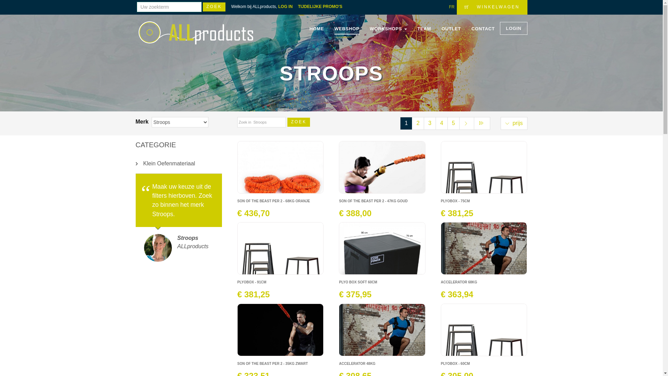 This screenshot has height=376, width=668. Describe the element at coordinates (471, 29) in the screenshot. I see `'CONTACT'` at that location.